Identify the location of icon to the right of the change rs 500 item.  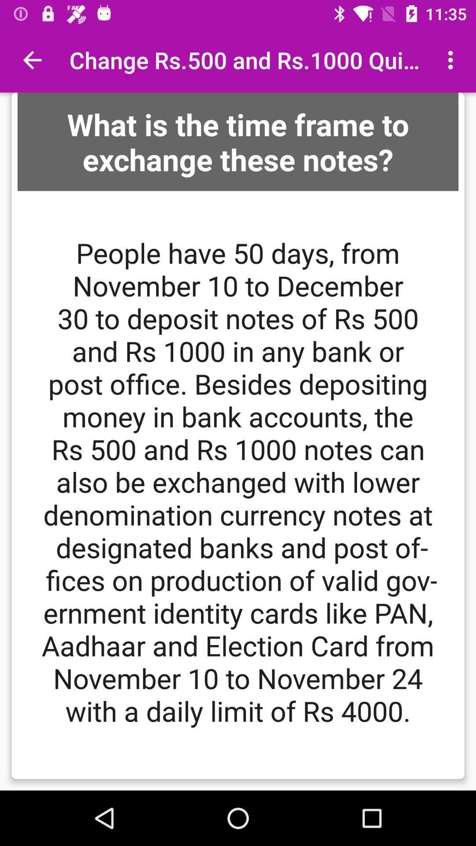
(453, 59).